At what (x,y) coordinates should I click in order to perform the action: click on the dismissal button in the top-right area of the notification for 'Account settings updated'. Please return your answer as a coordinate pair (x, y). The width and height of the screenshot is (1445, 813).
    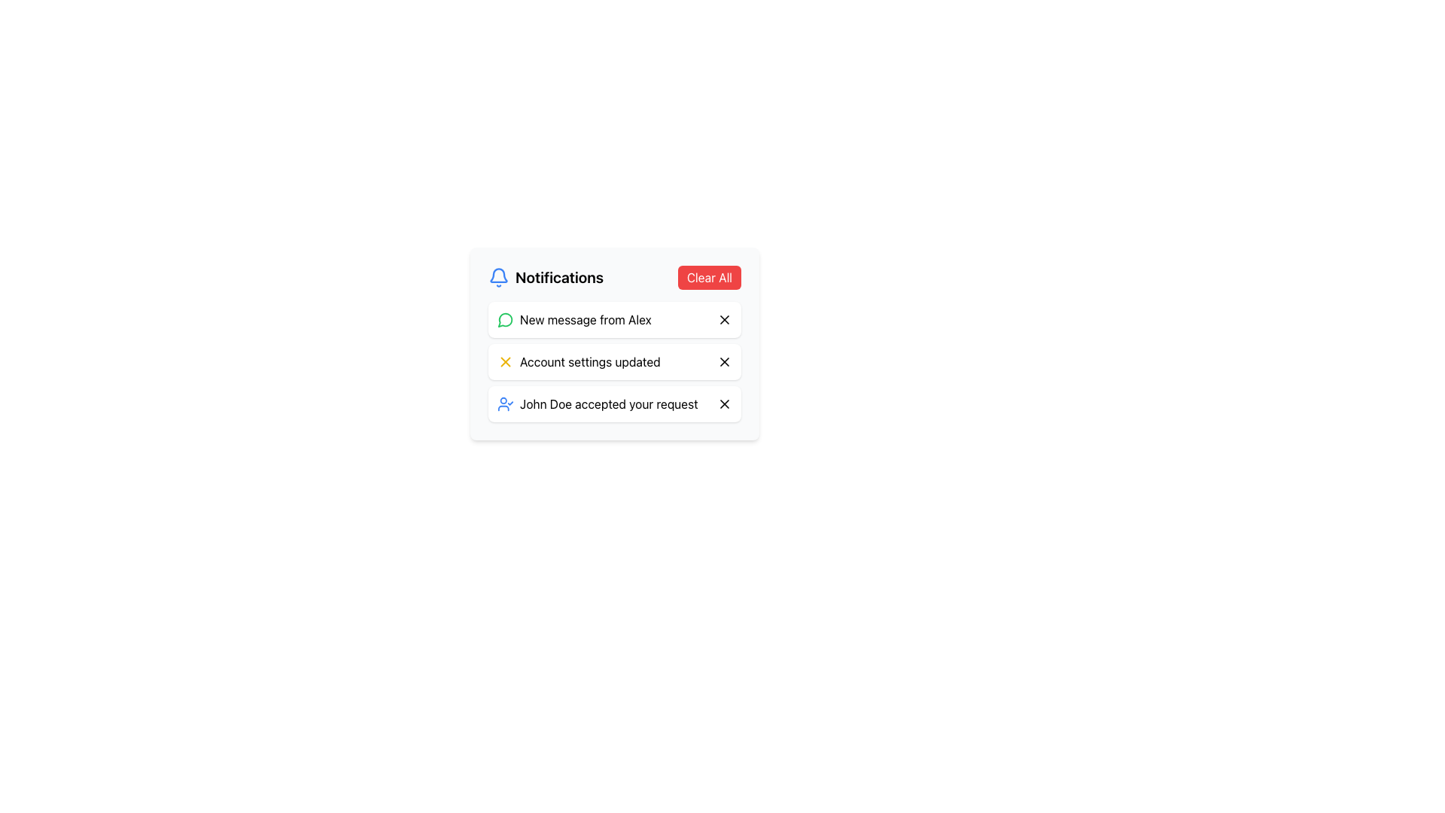
    Looking at the image, I should click on (725, 362).